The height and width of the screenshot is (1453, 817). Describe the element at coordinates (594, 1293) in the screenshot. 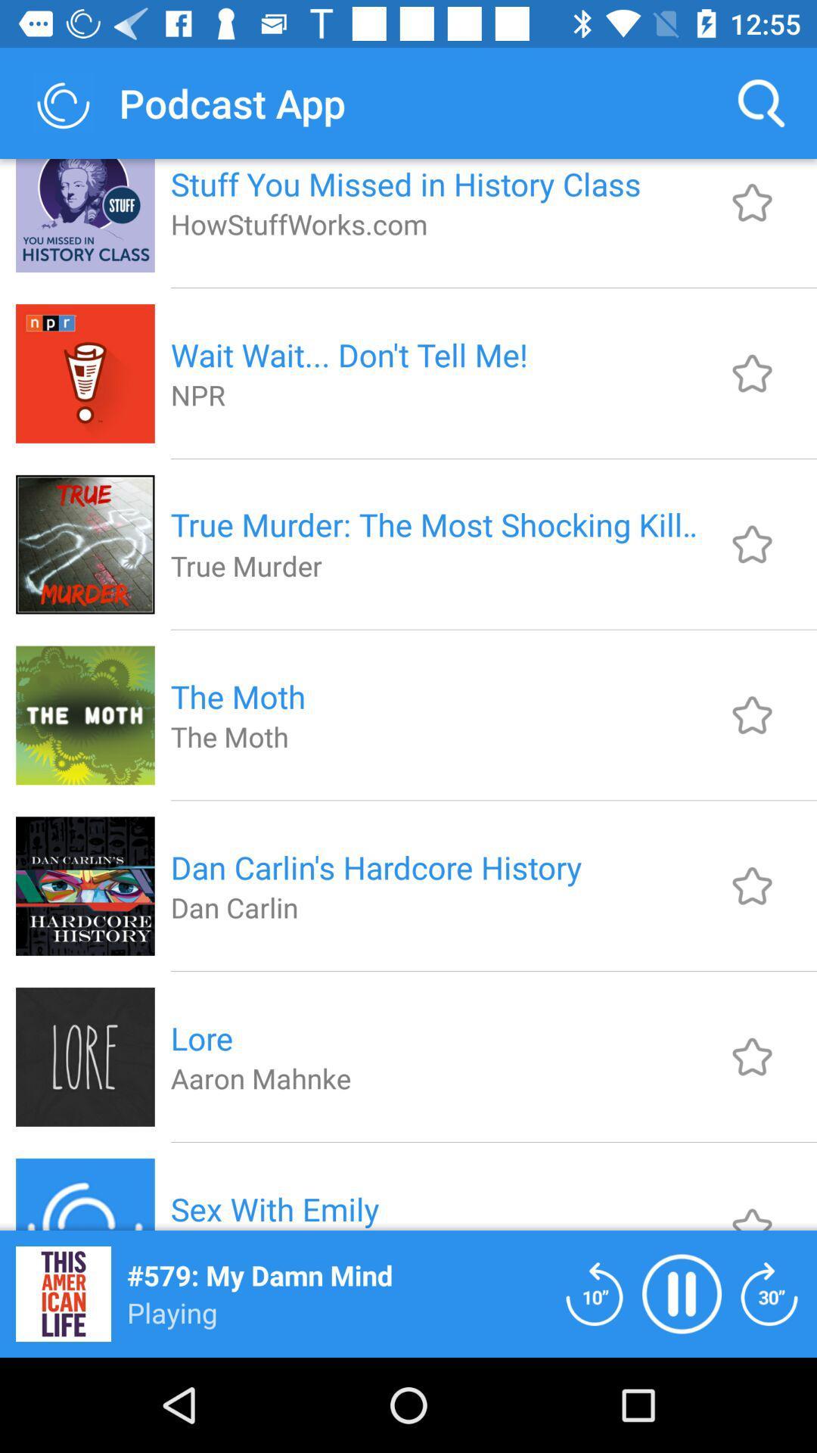

I see `the av_rewind icon` at that location.